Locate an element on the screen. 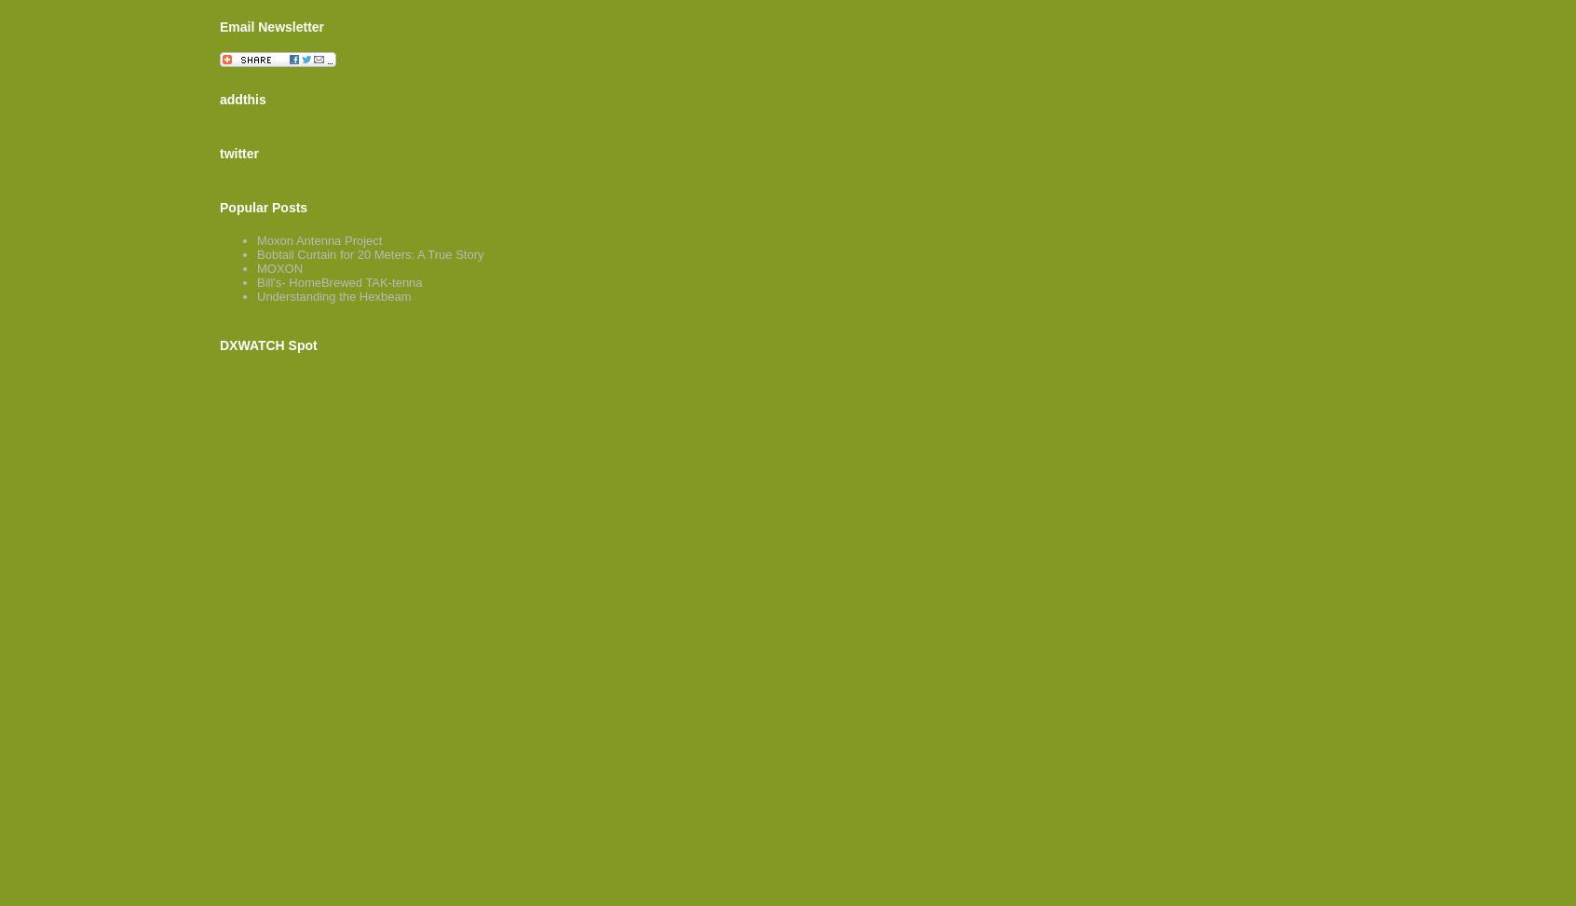  'MOXON' is located at coordinates (279, 268).